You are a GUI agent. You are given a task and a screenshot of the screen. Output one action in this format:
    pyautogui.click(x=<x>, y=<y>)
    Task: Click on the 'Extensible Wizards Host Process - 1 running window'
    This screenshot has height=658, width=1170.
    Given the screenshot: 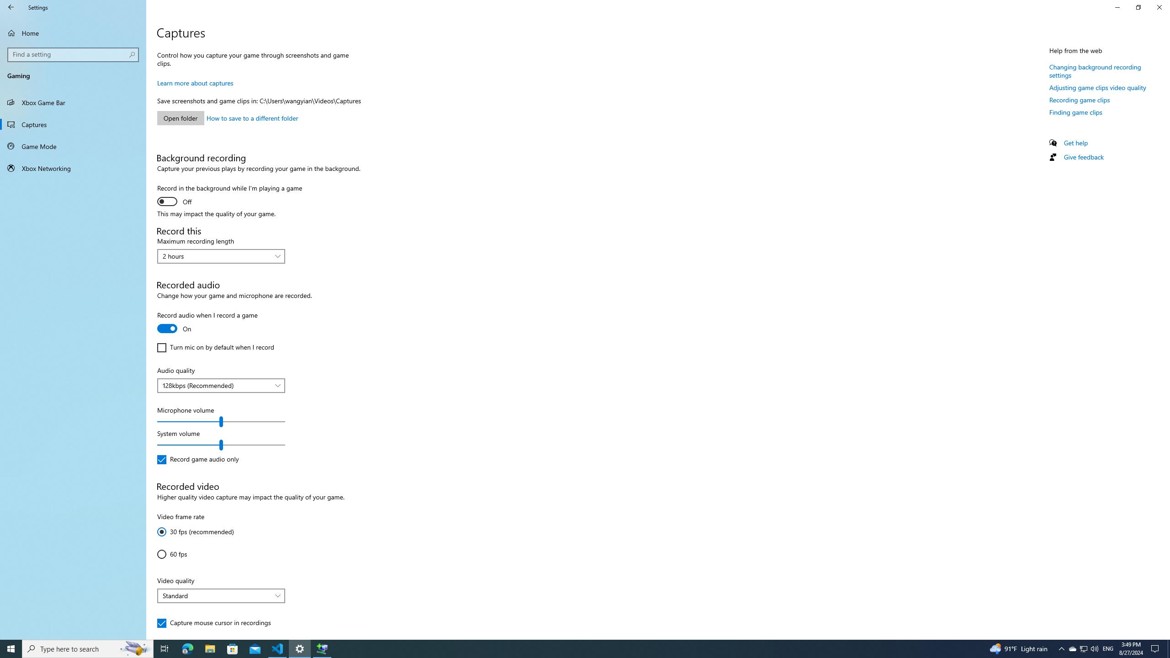 What is the action you would take?
    pyautogui.click(x=322, y=648)
    